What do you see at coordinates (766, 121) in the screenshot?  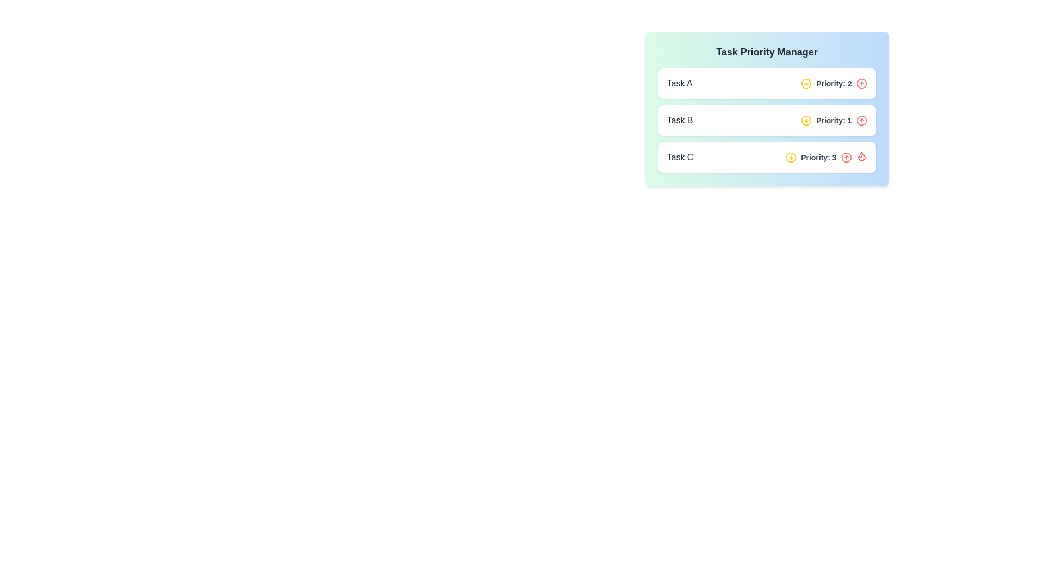 I see `the second row of the task list` at bounding box center [766, 121].